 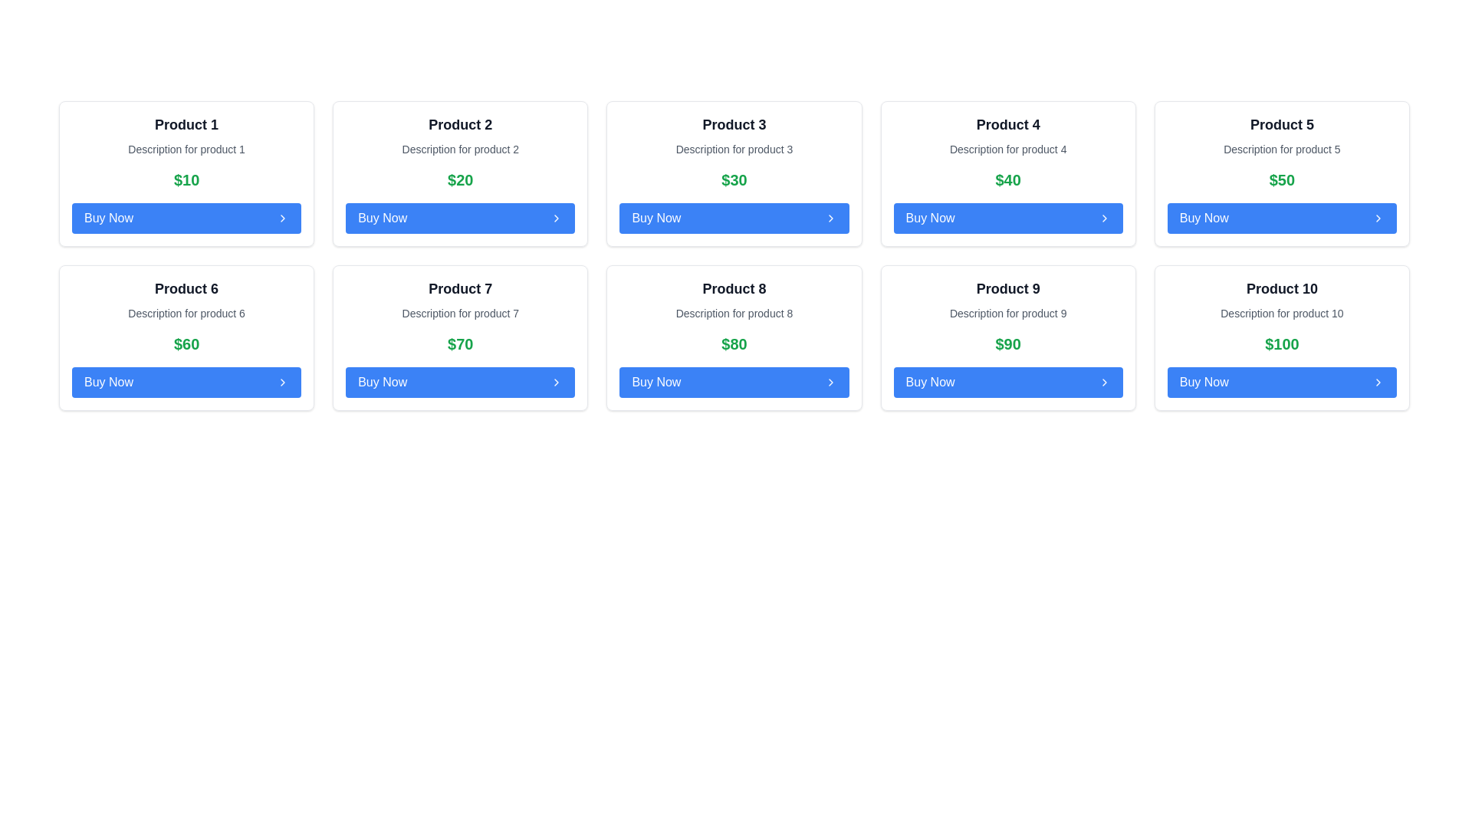 I want to click on the static text label that functions as the title for 'Product 3', positioned at the top of the third card in the first row of the grid layout, so click(x=734, y=123).